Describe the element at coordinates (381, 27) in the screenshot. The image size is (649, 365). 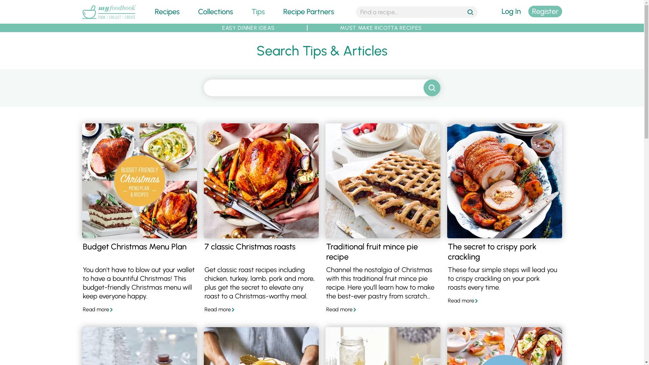
I see `'MUST MAKE RICOTTA RECIPES'` at that location.